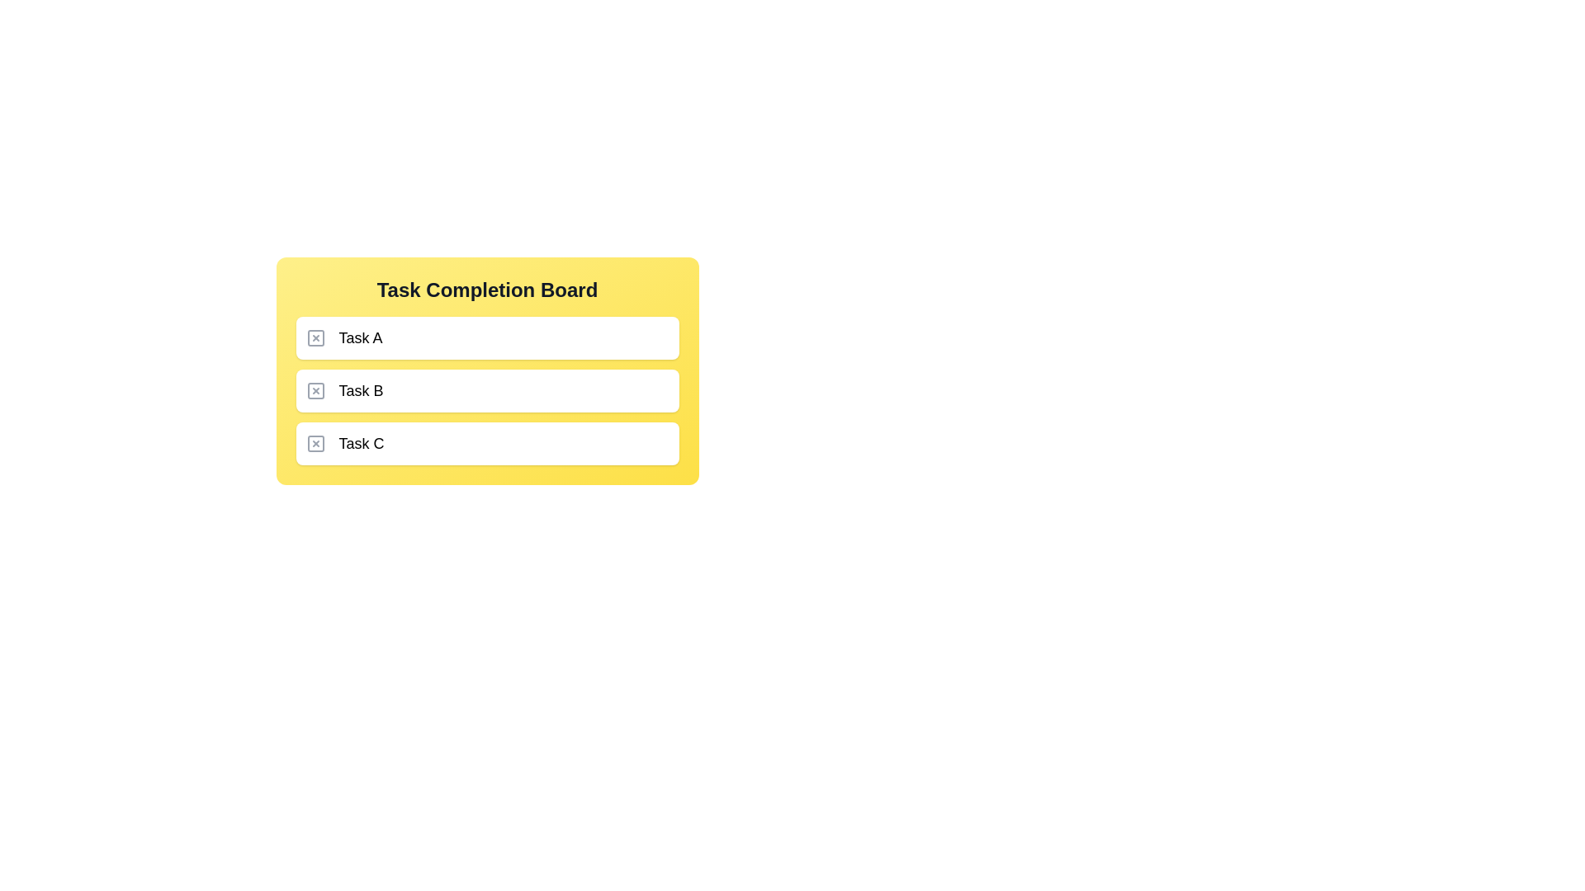  What do you see at coordinates (315, 391) in the screenshot?
I see `the button to remove or close the associated task, located to the left of 'Task B' in the task list` at bounding box center [315, 391].